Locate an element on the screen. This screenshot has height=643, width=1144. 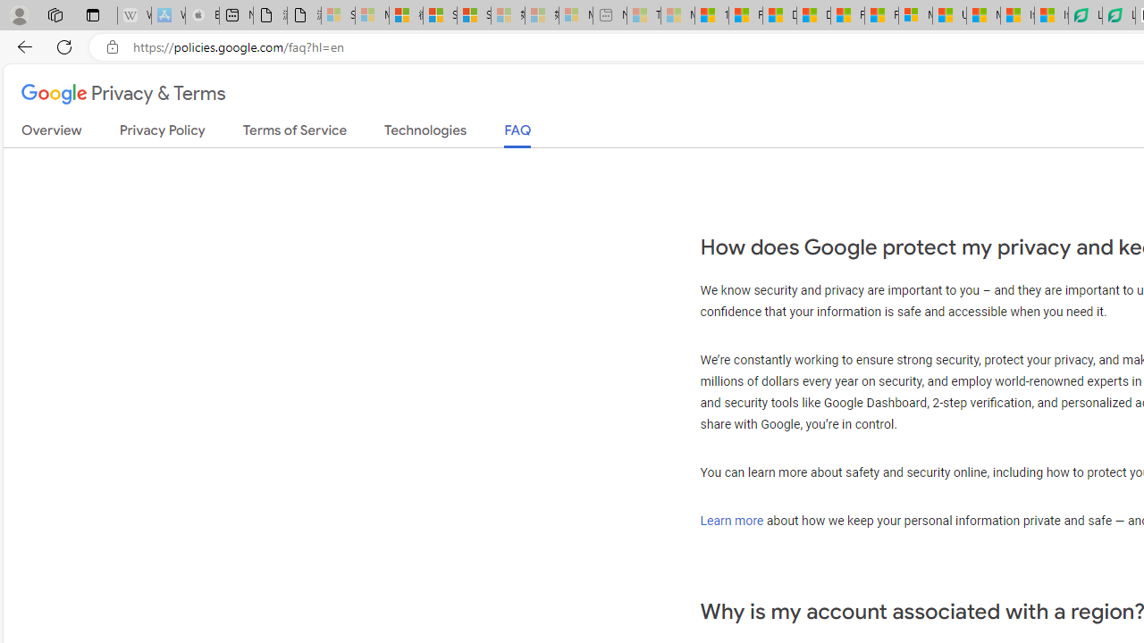
'LendingTree - Compare Lenders' is located at coordinates (1117, 15).